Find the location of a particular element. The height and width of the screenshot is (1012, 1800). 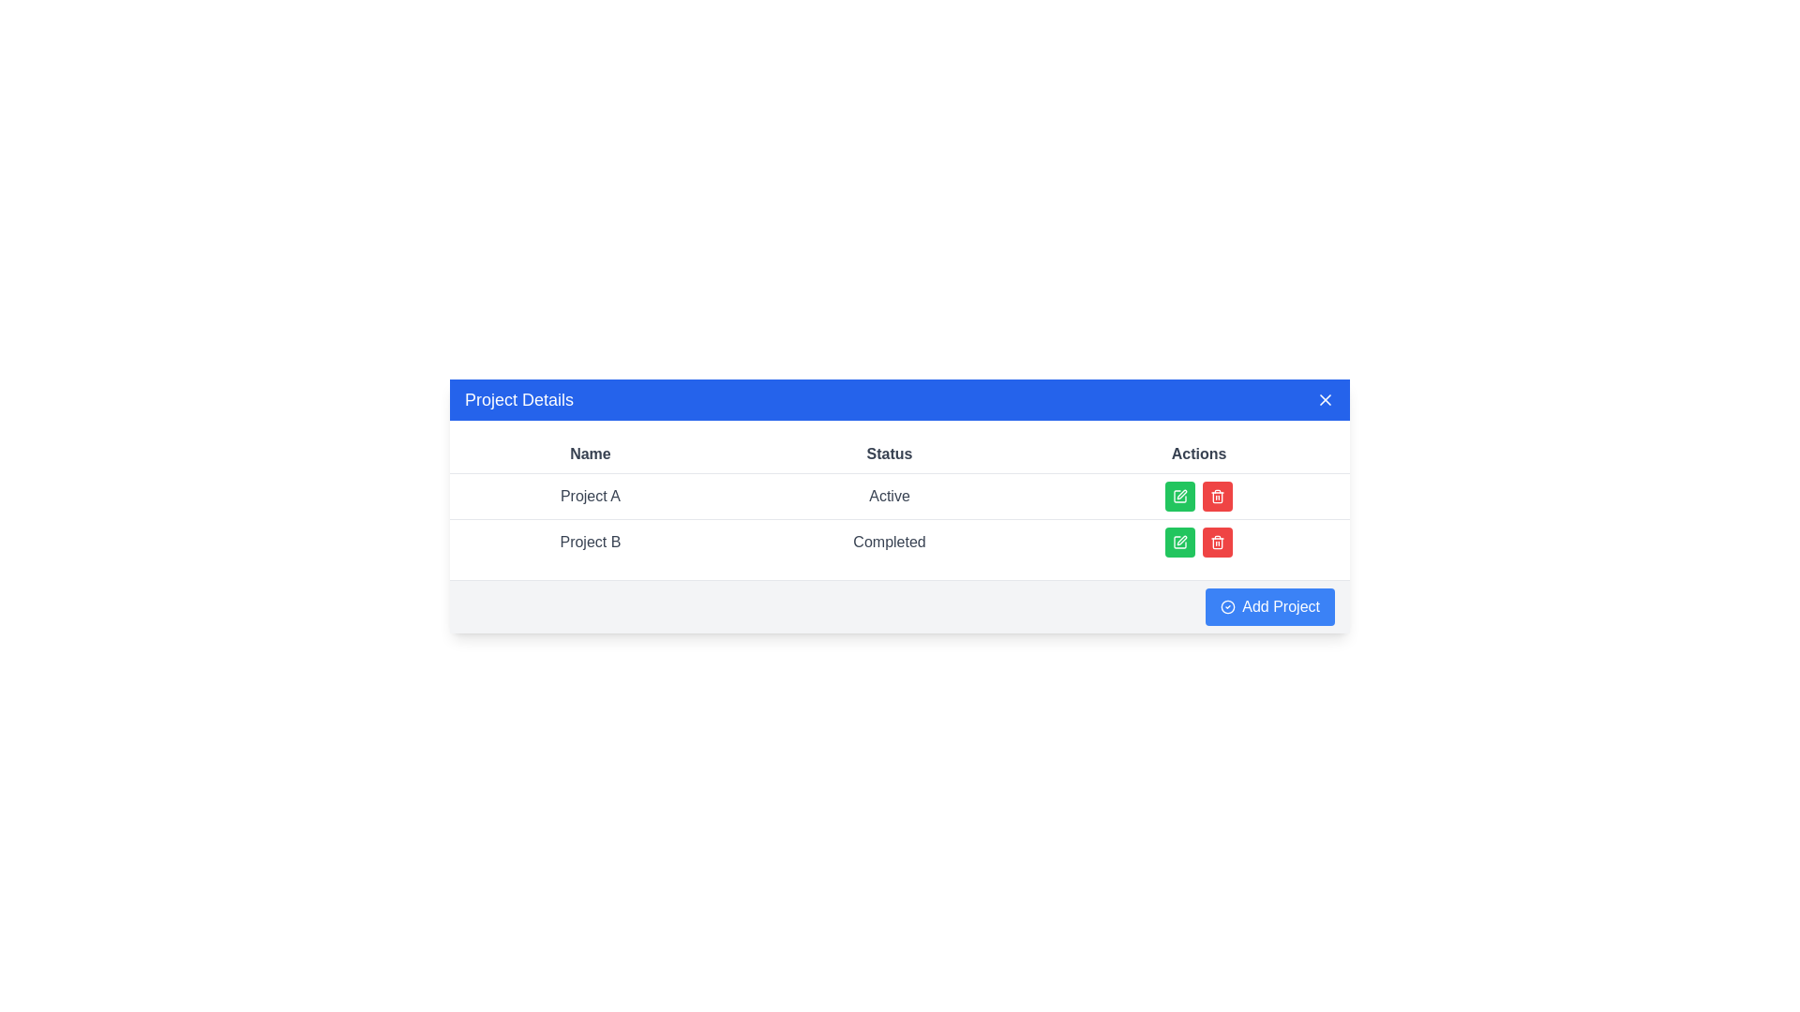

the small square green button with a pencil icon is located at coordinates (1179, 542).